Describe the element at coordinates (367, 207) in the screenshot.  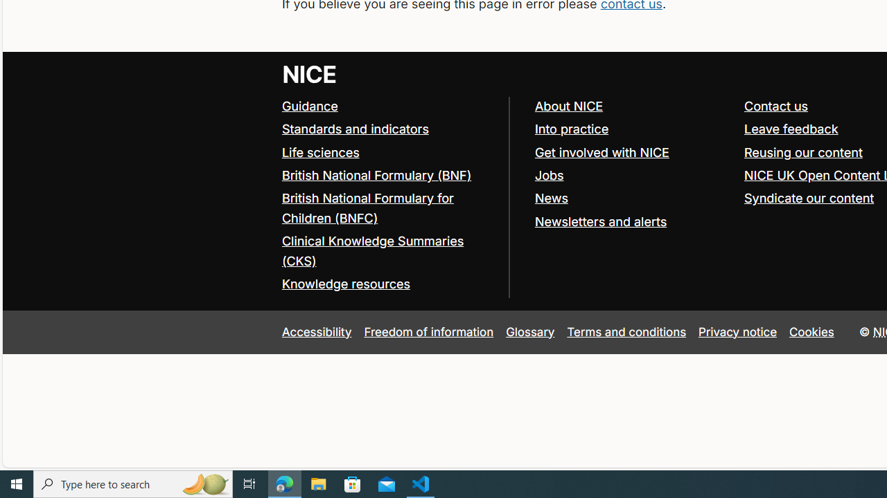
I see `'British National Formulary for Children (BNFC)'` at that location.